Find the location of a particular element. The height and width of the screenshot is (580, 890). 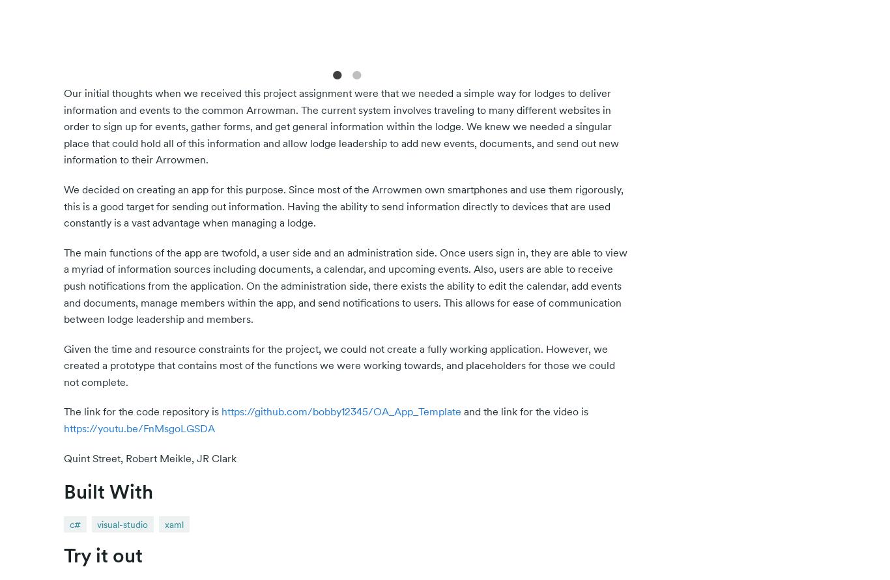

'We decided on creating an app for this purpose. Since most of the Arrowmen own smartphones and use them rigorously, this is a good target for sending out information. Having the ability to send information directly to devices that are used constantly is a vast advantage when managing a lodge.' is located at coordinates (343, 205).